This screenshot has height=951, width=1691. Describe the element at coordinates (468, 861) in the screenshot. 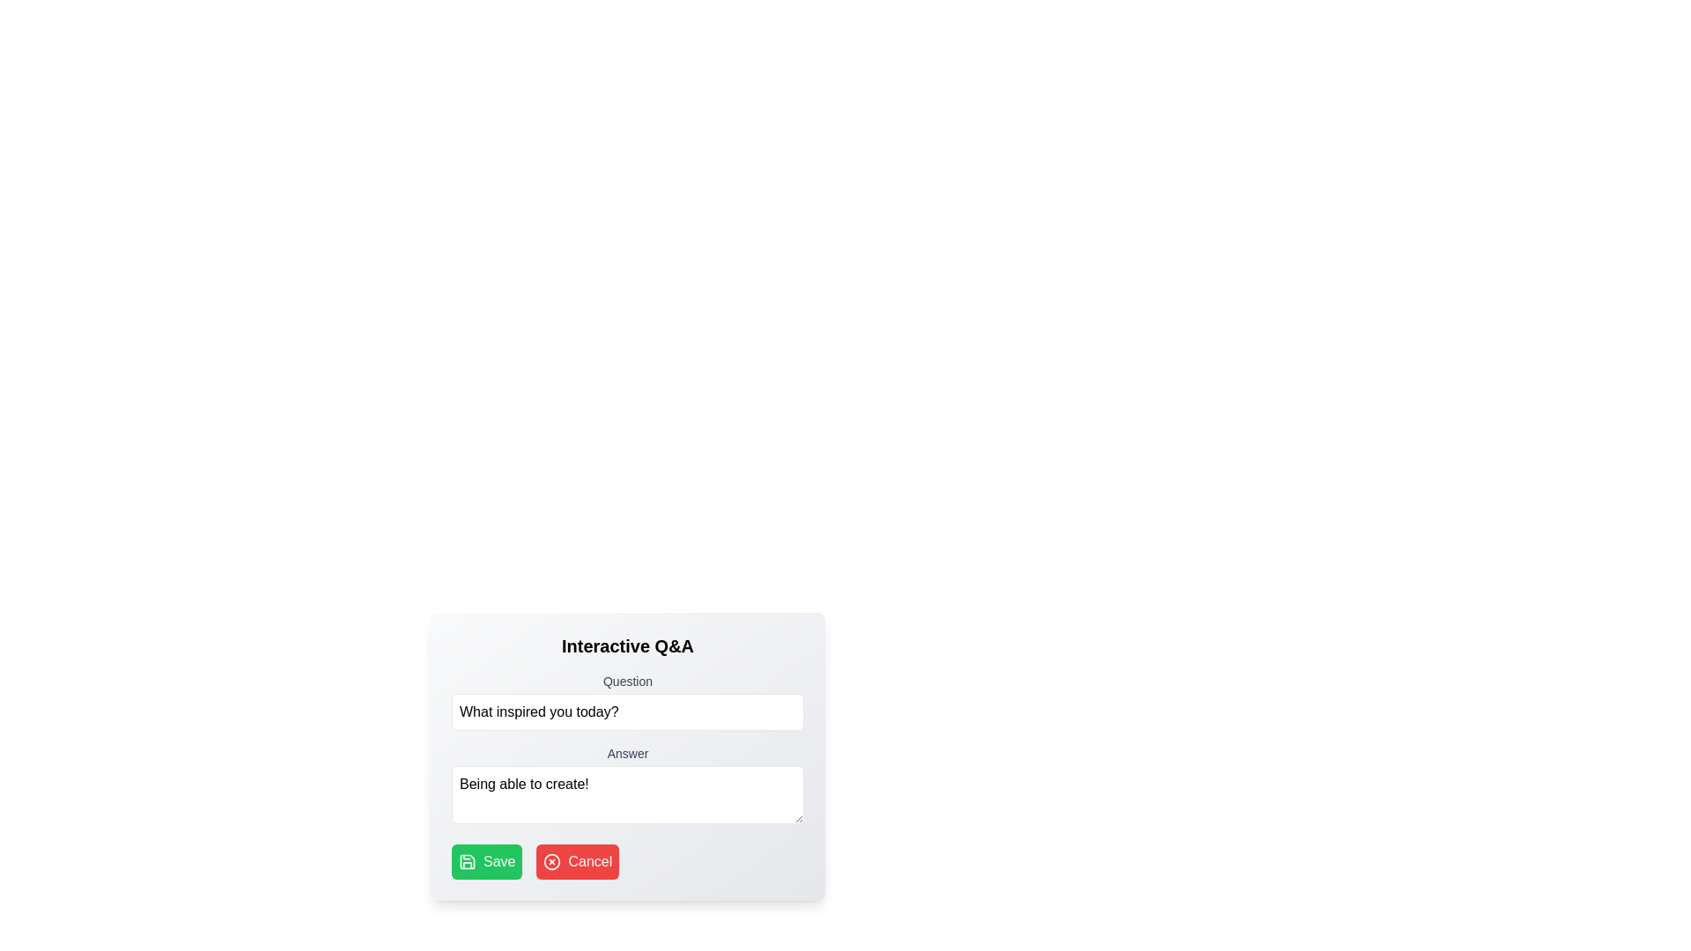

I see `the save icon located inside the 'Save' button at the bottom-left of the dialog box` at that location.